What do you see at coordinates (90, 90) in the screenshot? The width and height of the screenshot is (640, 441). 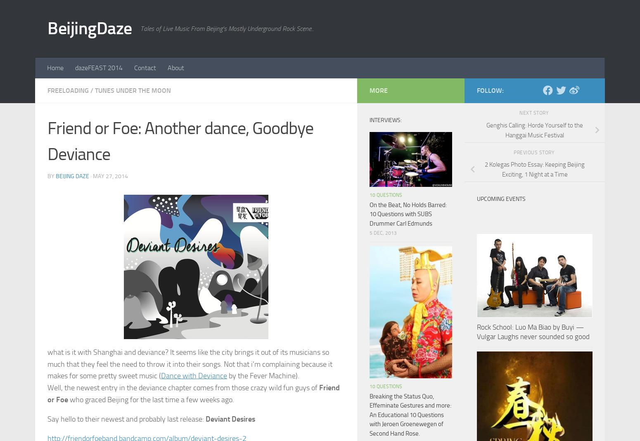 I see `'/'` at bounding box center [90, 90].